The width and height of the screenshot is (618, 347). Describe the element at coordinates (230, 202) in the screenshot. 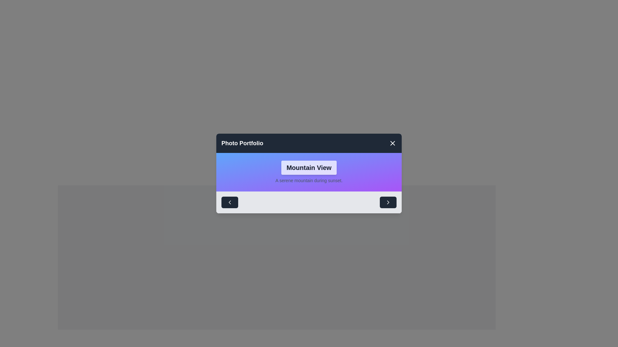

I see `the leftward-pointing chevron icon` at that location.